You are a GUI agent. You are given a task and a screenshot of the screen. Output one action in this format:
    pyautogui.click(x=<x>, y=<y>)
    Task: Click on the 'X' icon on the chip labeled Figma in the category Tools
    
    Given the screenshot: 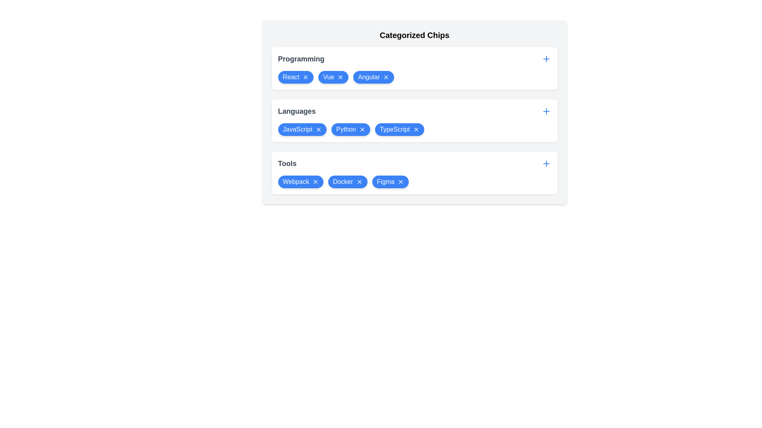 What is the action you would take?
    pyautogui.click(x=401, y=182)
    